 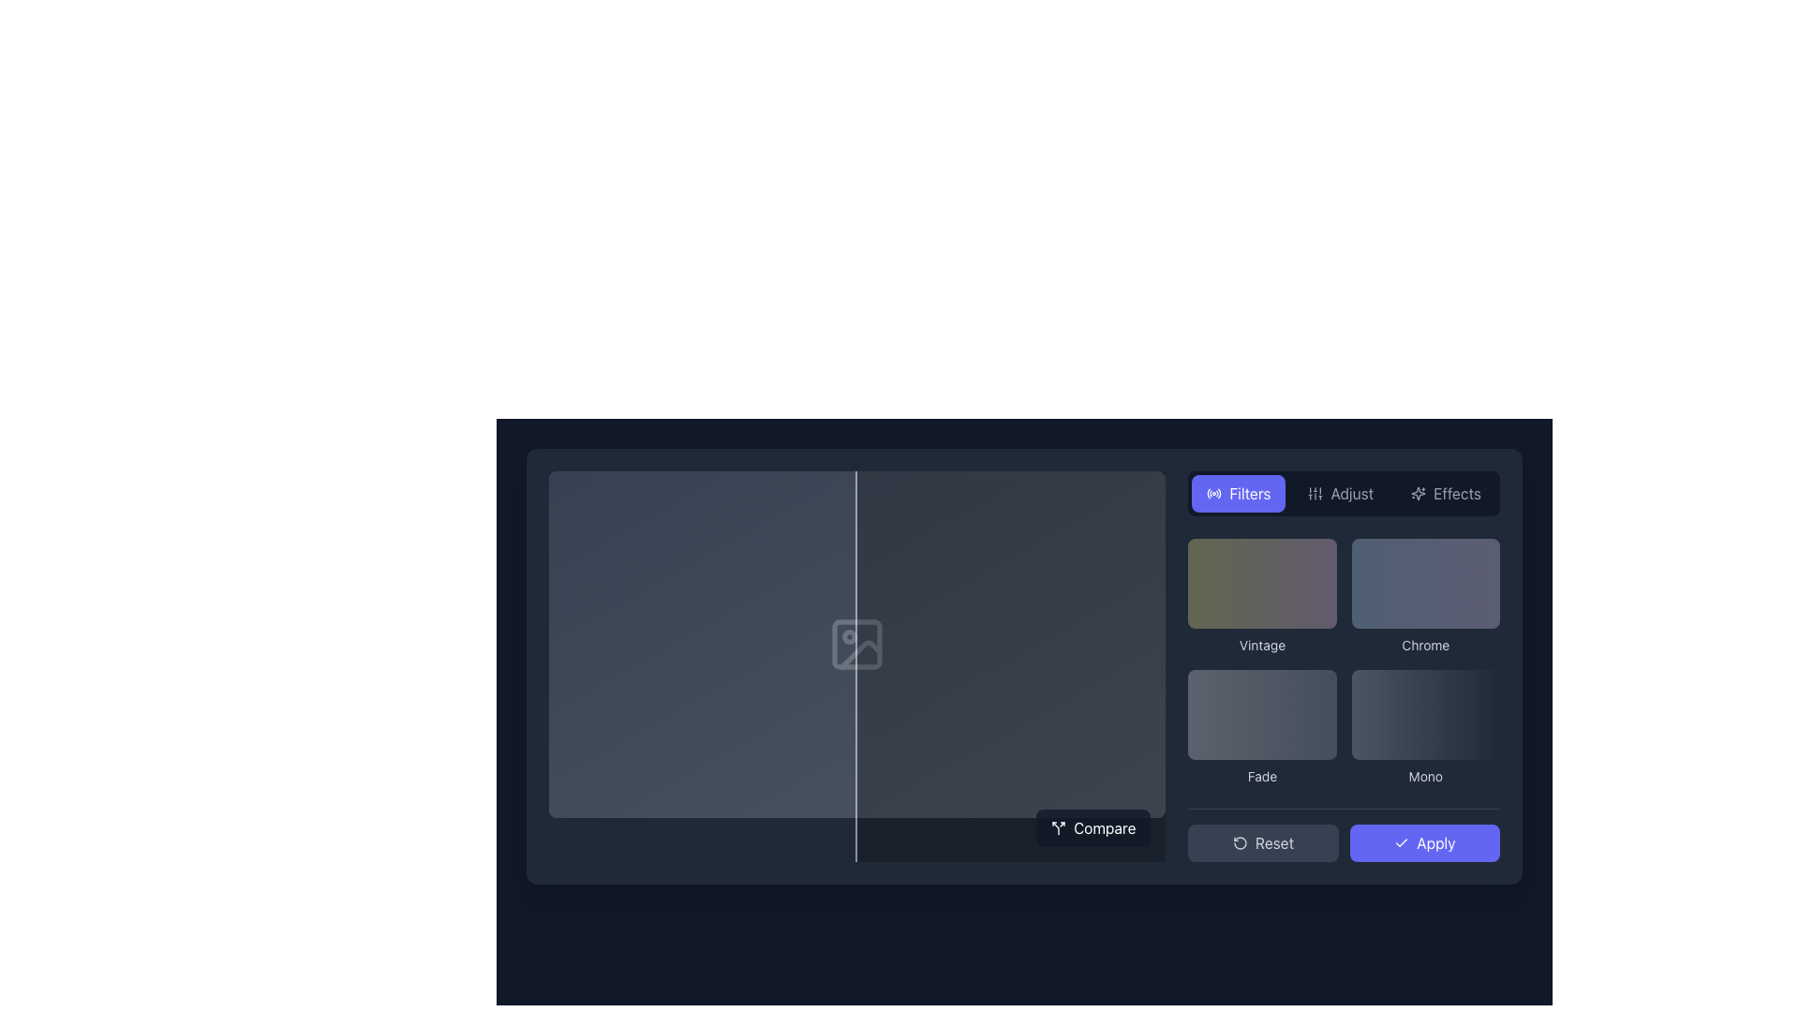 I want to click on the 'Apply' button, which is a primary action button styled with a purple background and white text, located to the right of the 'Reset' button in the two-button group at the bottom of the right panel, so click(x=1343, y=834).